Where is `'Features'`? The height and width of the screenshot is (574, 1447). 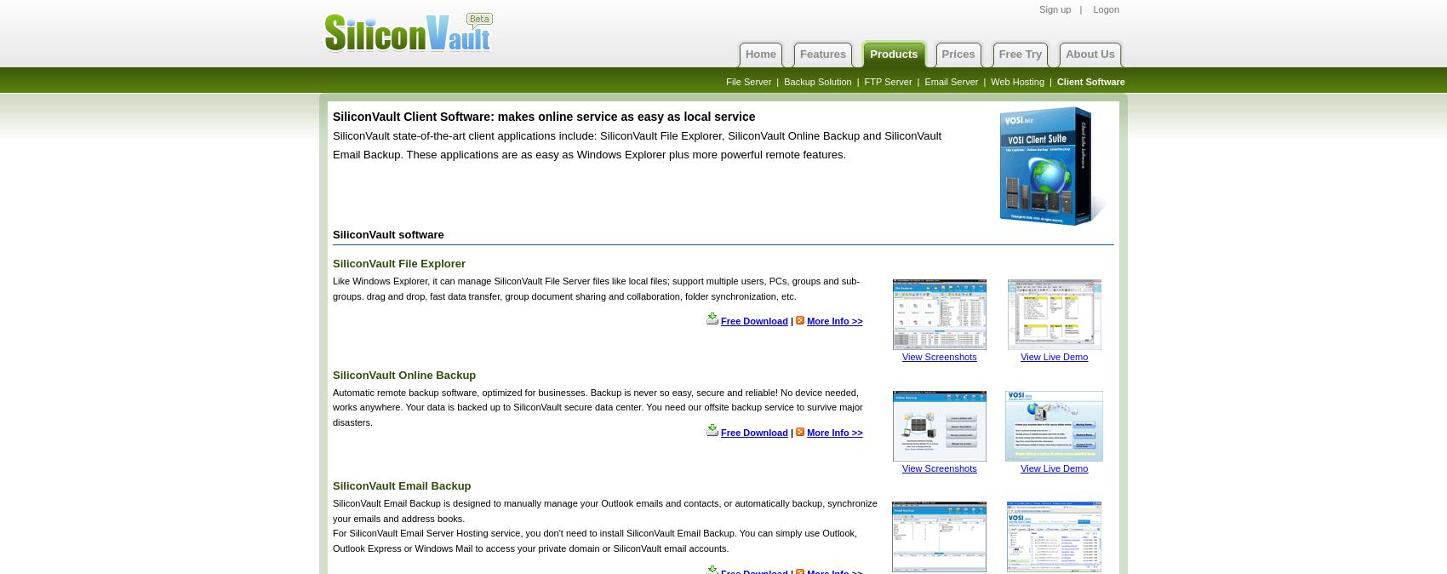 'Features' is located at coordinates (821, 53).